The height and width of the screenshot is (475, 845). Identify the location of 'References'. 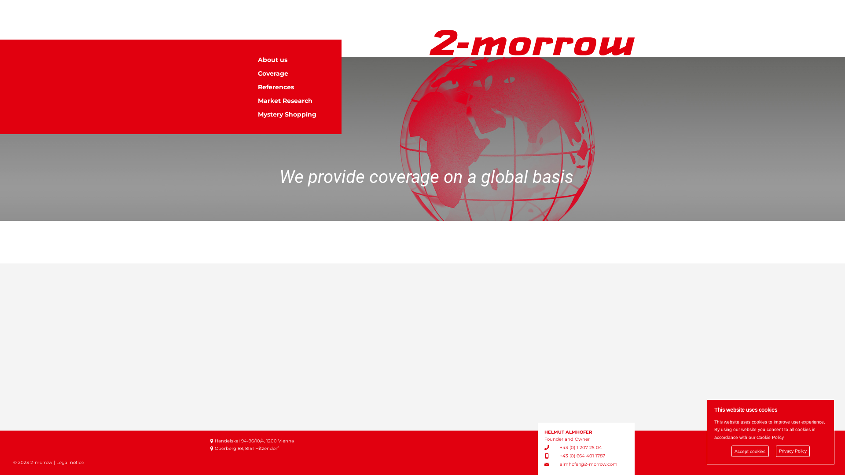
(293, 87).